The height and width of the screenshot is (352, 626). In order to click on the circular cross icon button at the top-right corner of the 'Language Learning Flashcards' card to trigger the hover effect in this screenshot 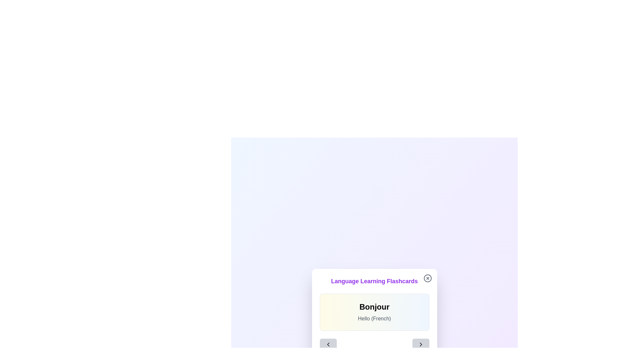, I will do `click(427, 278)`.